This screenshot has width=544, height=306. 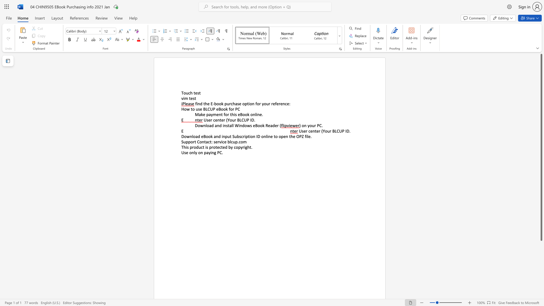 I want to click on the 1th character "e" in the text, so click(x=196, y=93).